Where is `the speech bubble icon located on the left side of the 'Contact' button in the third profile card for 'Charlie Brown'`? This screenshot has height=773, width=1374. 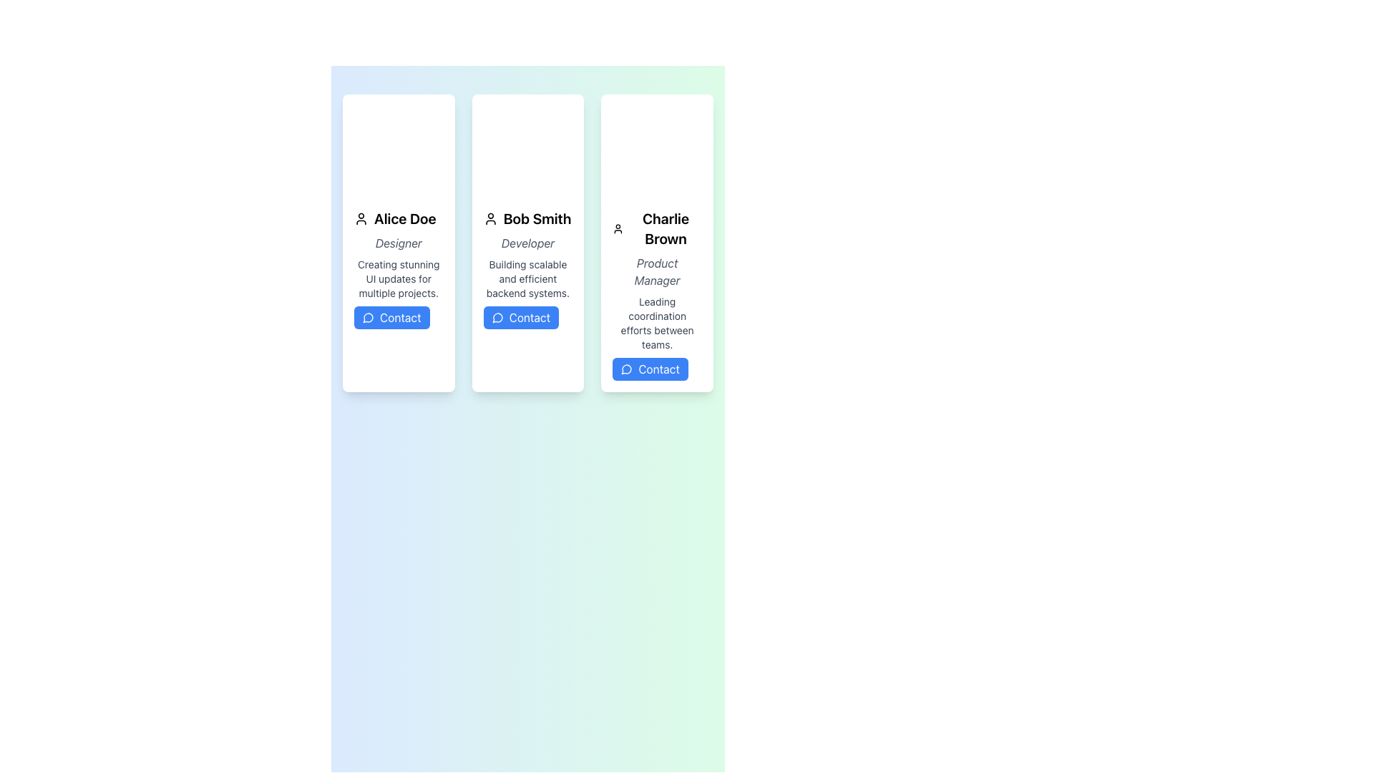 the speech bubble icon located on the left side of the 'Contact' button in the third profile card for 'Charlie Brown' is located at coordinates (626, 369).